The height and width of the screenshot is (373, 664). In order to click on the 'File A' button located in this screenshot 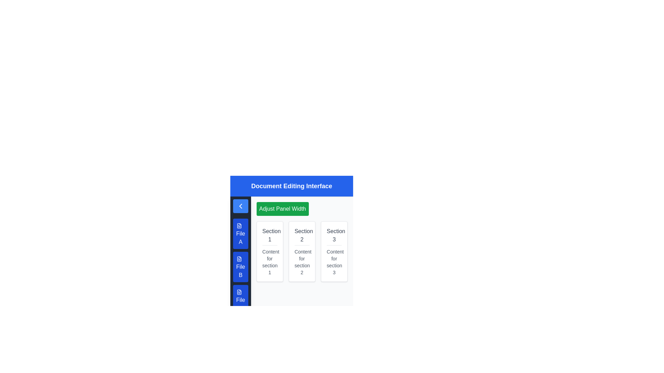, I will do `click(240, 233)`.